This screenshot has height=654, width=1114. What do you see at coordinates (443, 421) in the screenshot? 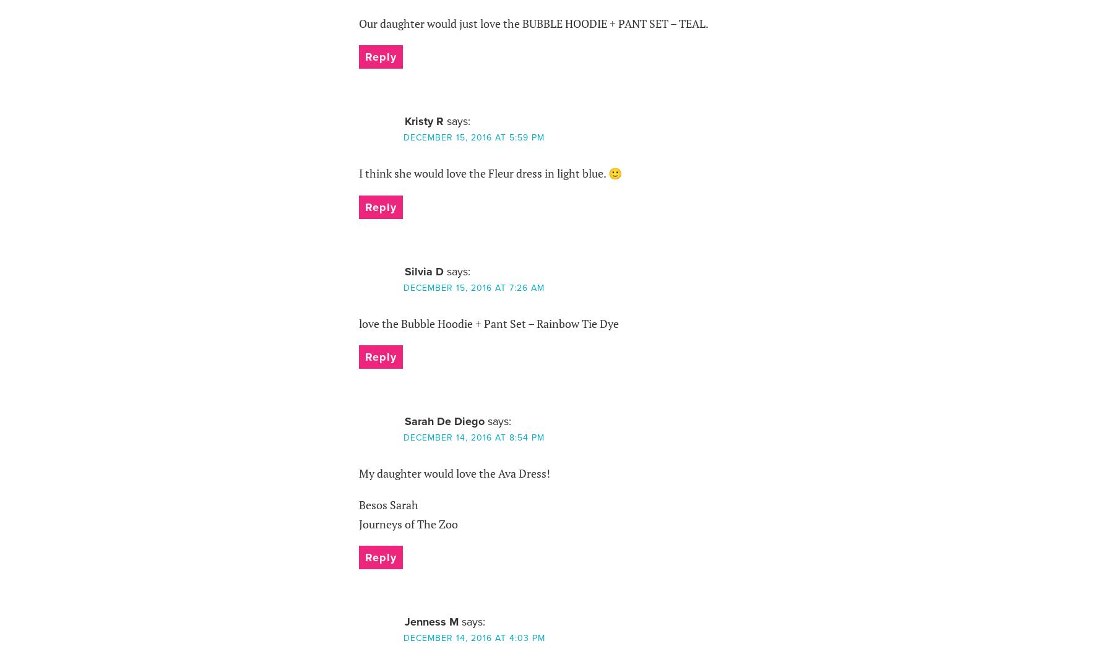
I see `'Sarah De Diego'` at bounding box center [443, 421].